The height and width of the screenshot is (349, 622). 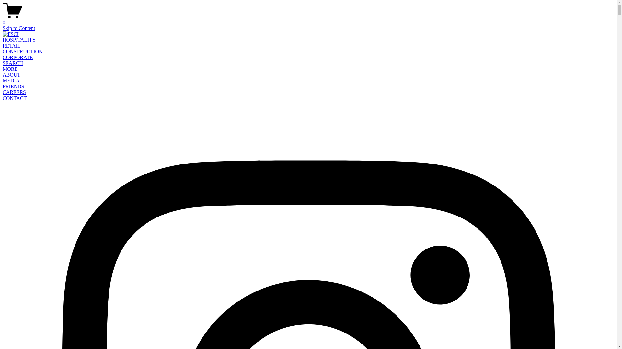 What do you see at coordinates (14, 98) in the screenshot?
I see `'CONTACT'` at bounding box center [14, 98].